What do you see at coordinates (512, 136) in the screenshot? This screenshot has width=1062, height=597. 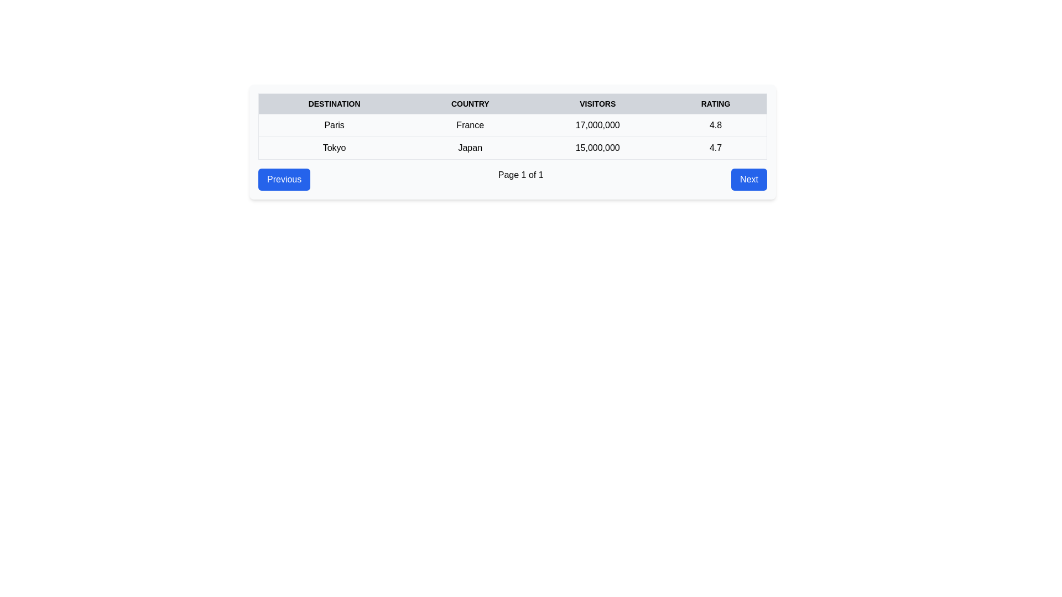 I see `the table rows displaying destination information, which includes country, visitor count, and rating` at bounding box center [512, 136].